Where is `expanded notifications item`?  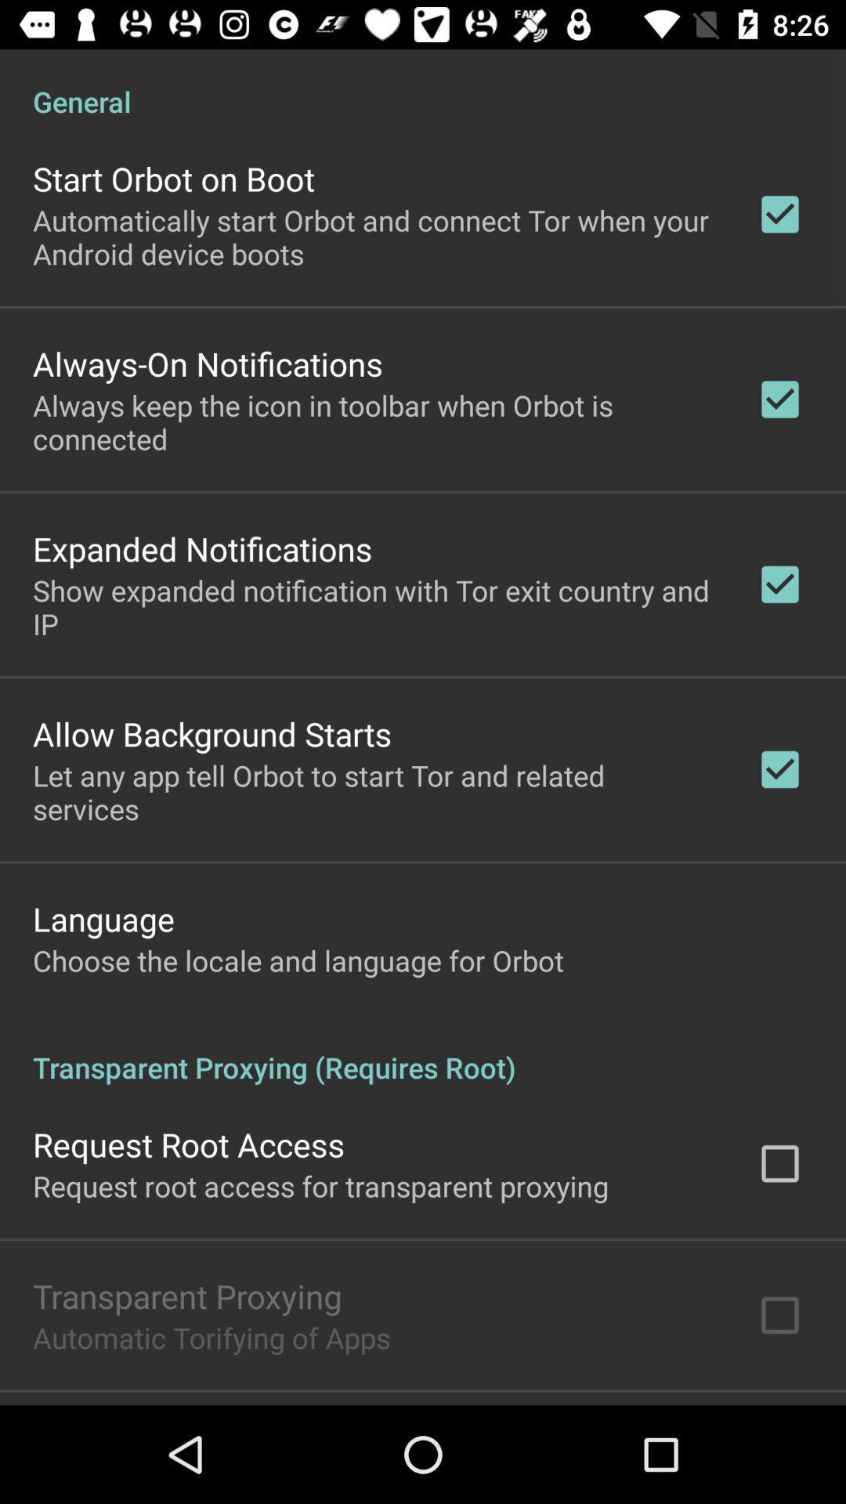 expanded notifications item is located at coordinates (201, 548).